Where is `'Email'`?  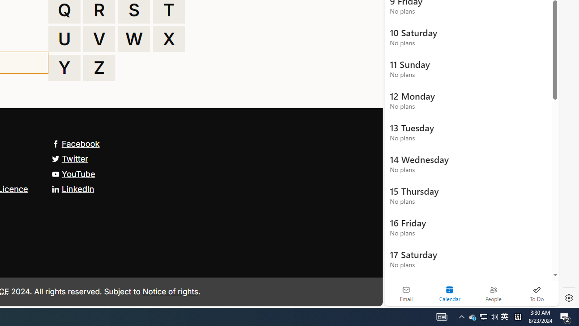 'Email' is located at coordinates (406, 293).